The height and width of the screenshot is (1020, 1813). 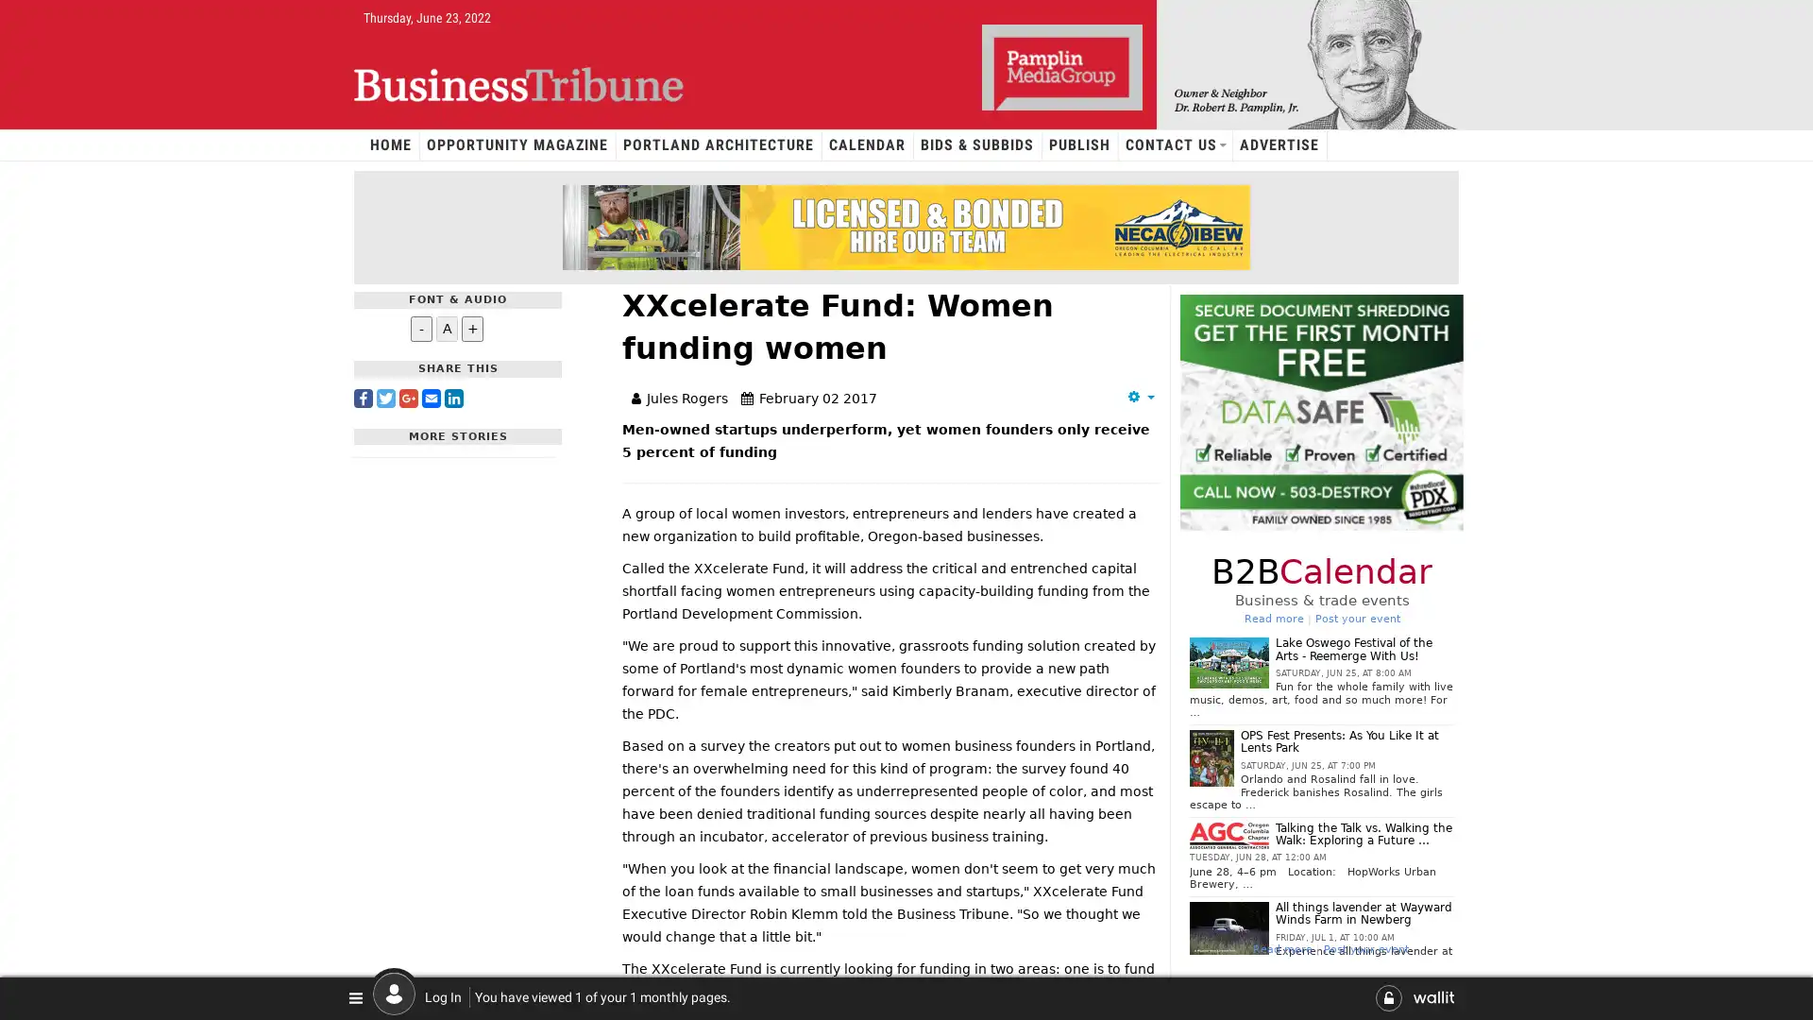 I want to click on -, so click(x=420, y=327).